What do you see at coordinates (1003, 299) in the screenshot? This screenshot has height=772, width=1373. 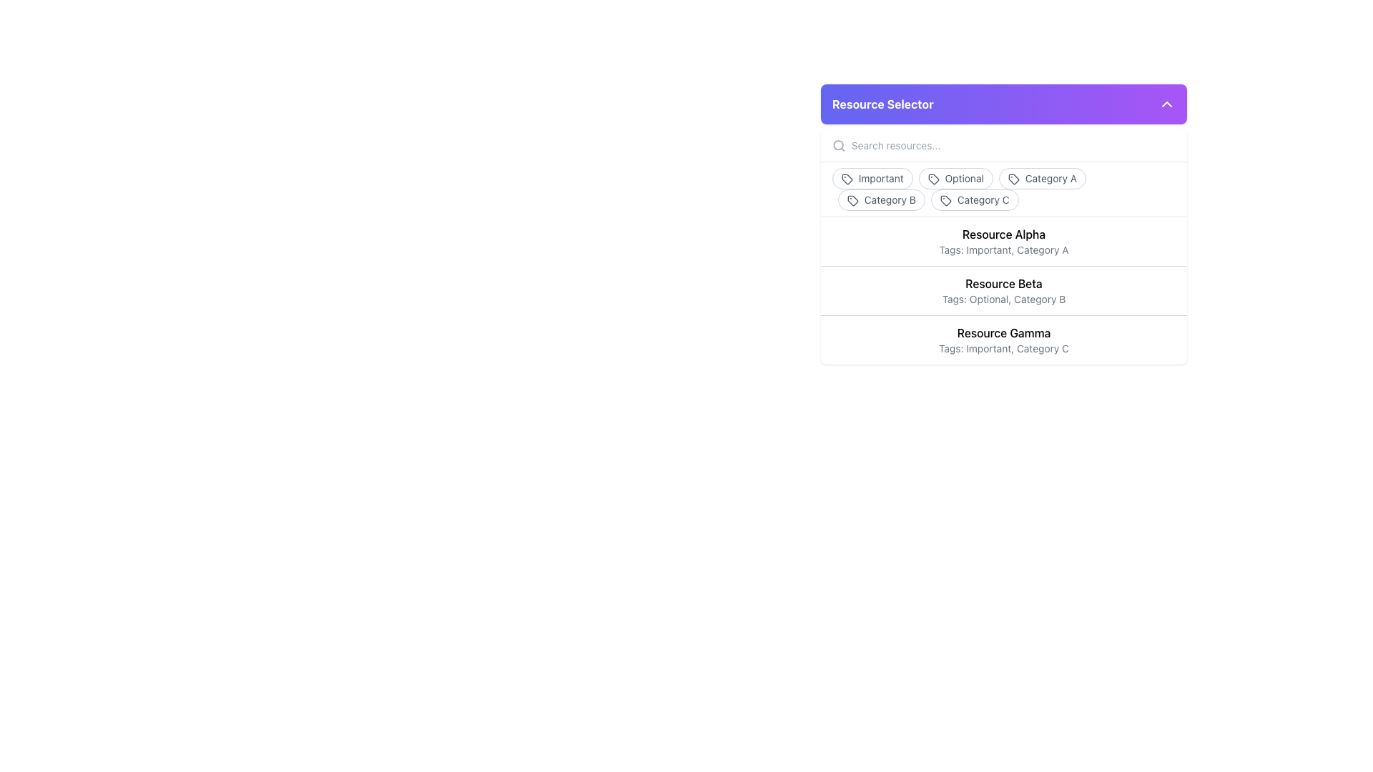 I see `the text label that displays additional metadata about 'Resource Beta', positioned centrally below the title text` at bounding box center [1003, 299].